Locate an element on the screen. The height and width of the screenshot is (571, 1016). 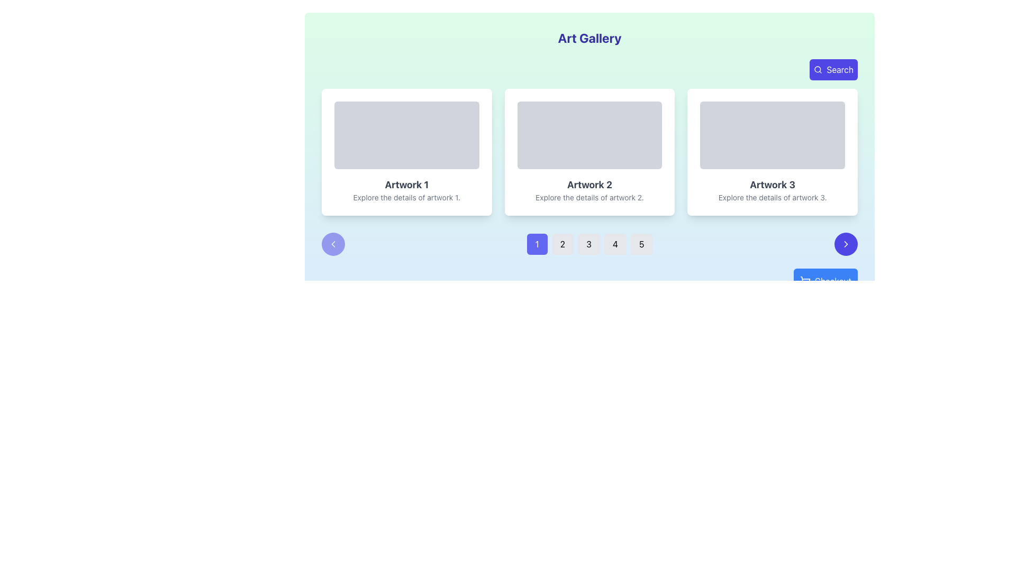
the shopping cart icon located within the 'Checkout' button at the bottom-right section of the interface is located at coordinates (804, 281).